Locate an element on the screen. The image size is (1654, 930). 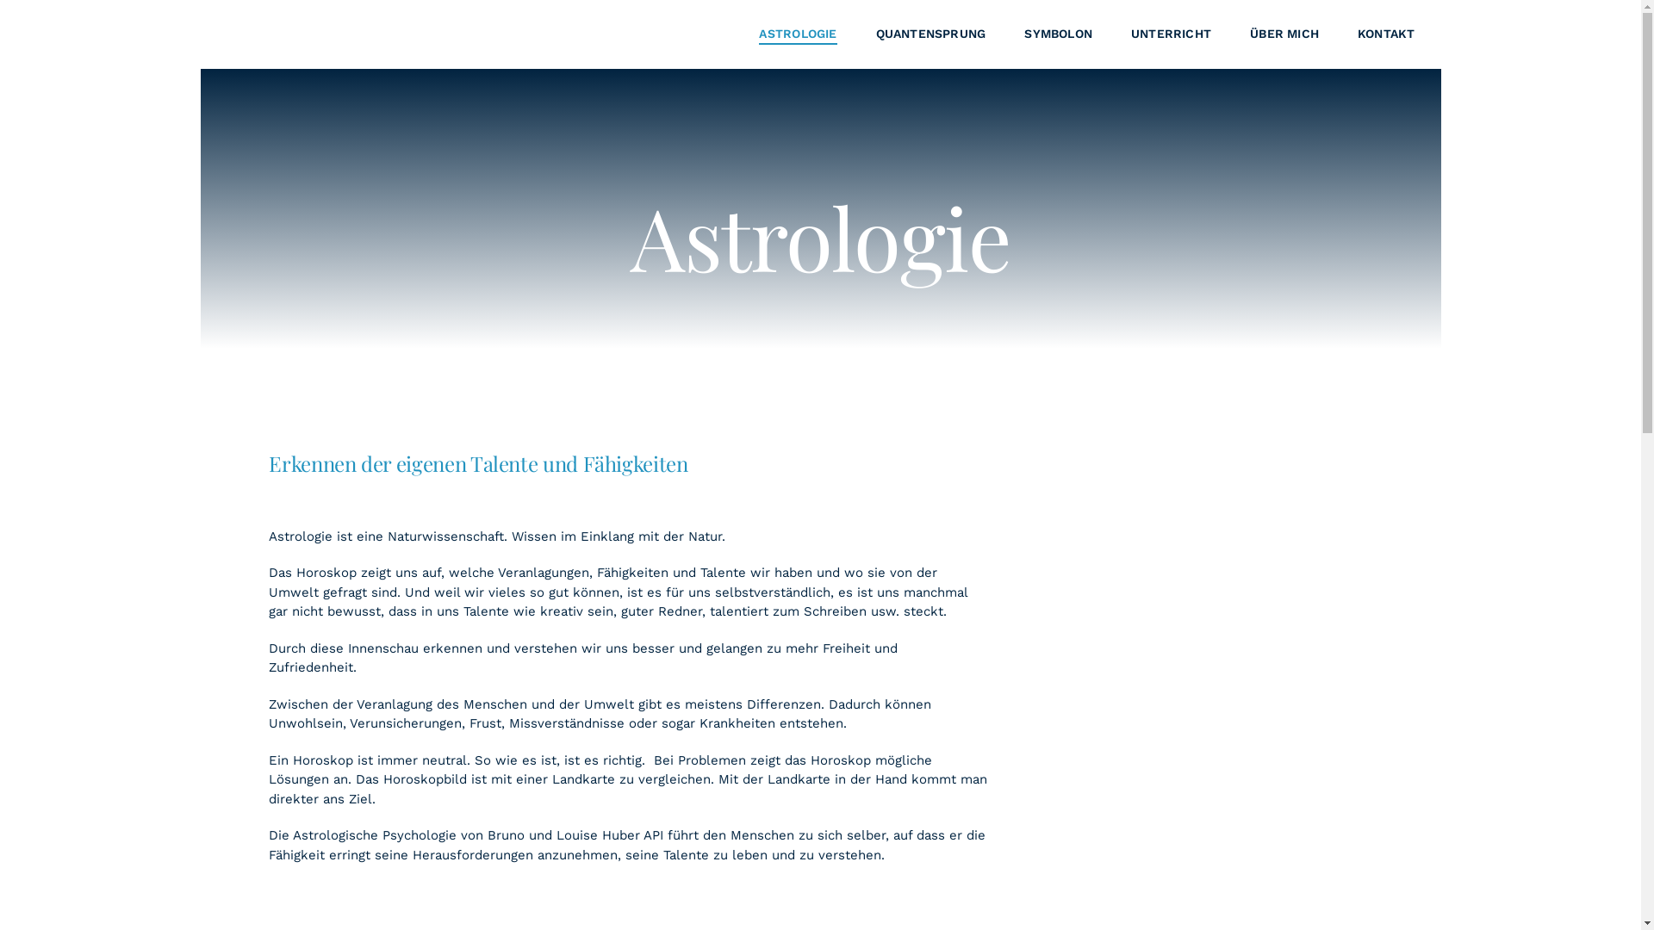
'KONTAKT' is located at coordinates (1385, 34).